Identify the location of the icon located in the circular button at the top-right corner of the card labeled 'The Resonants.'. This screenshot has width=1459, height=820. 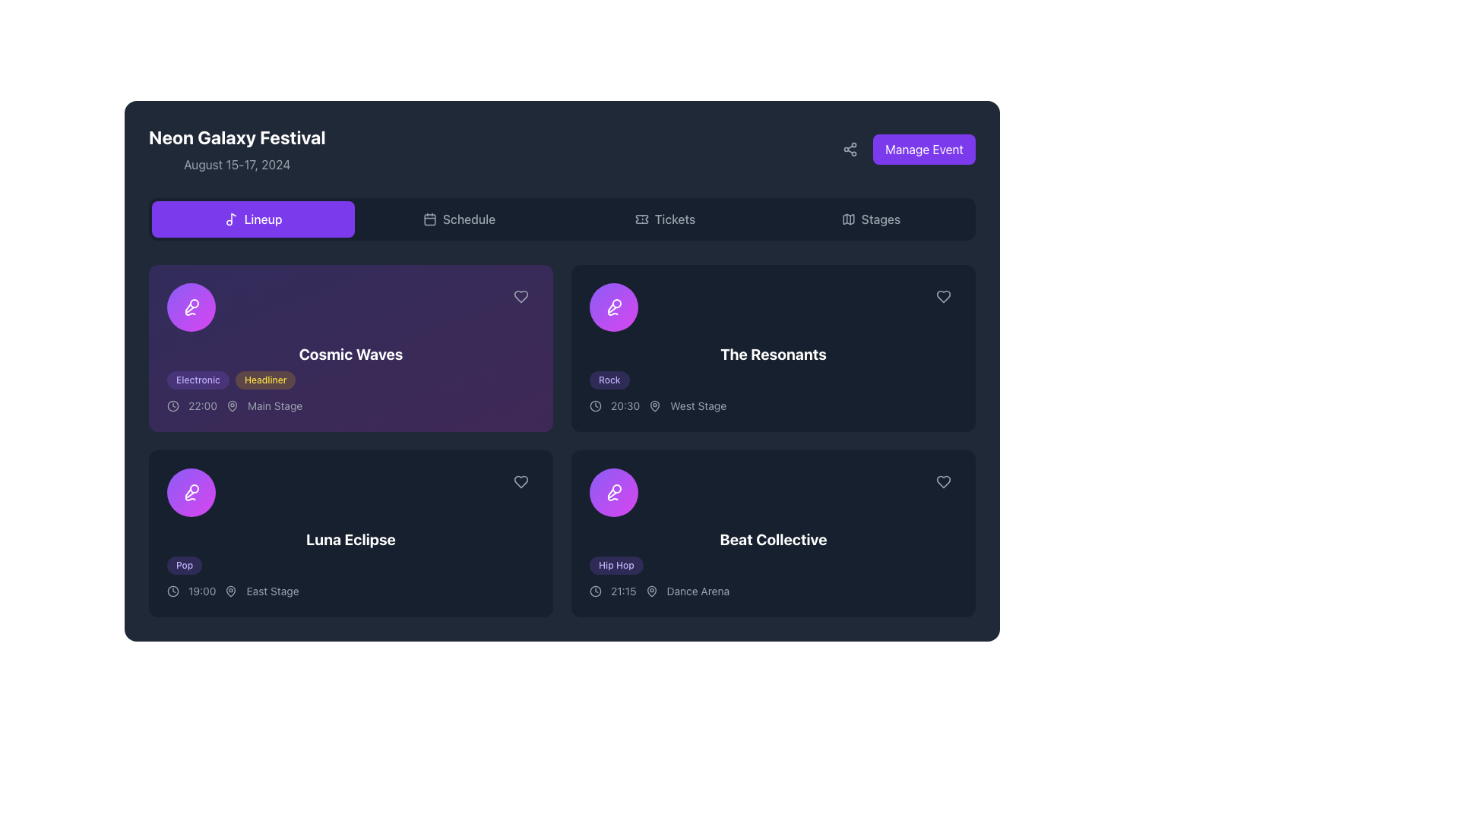
(191, 307).